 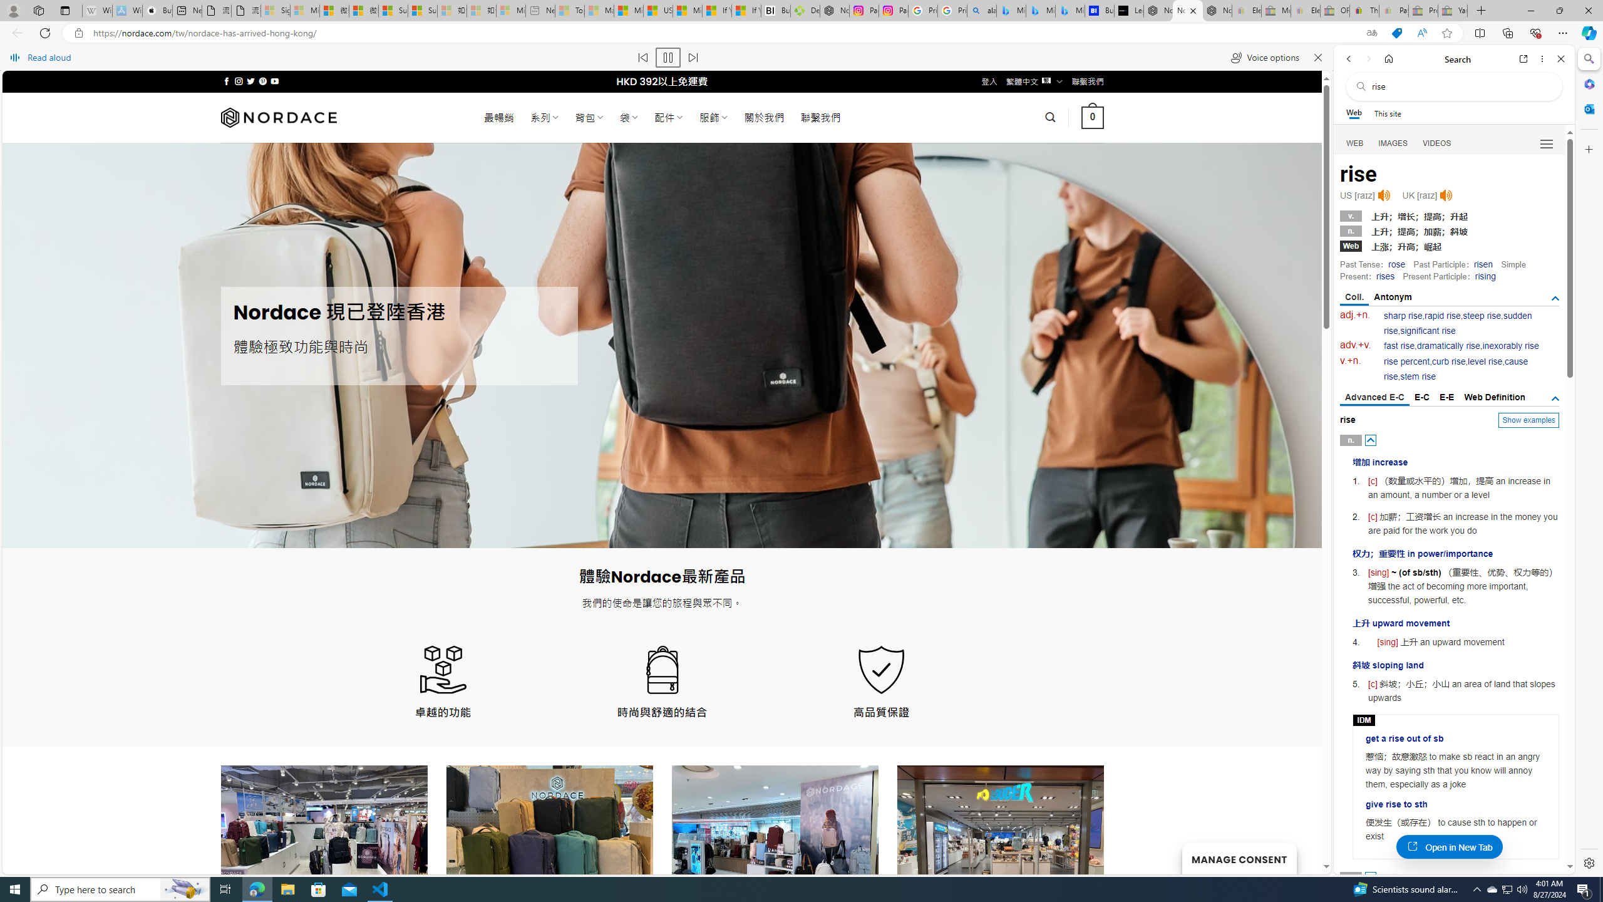 I want to click on 'E-E', so click(x=1447, y=397).